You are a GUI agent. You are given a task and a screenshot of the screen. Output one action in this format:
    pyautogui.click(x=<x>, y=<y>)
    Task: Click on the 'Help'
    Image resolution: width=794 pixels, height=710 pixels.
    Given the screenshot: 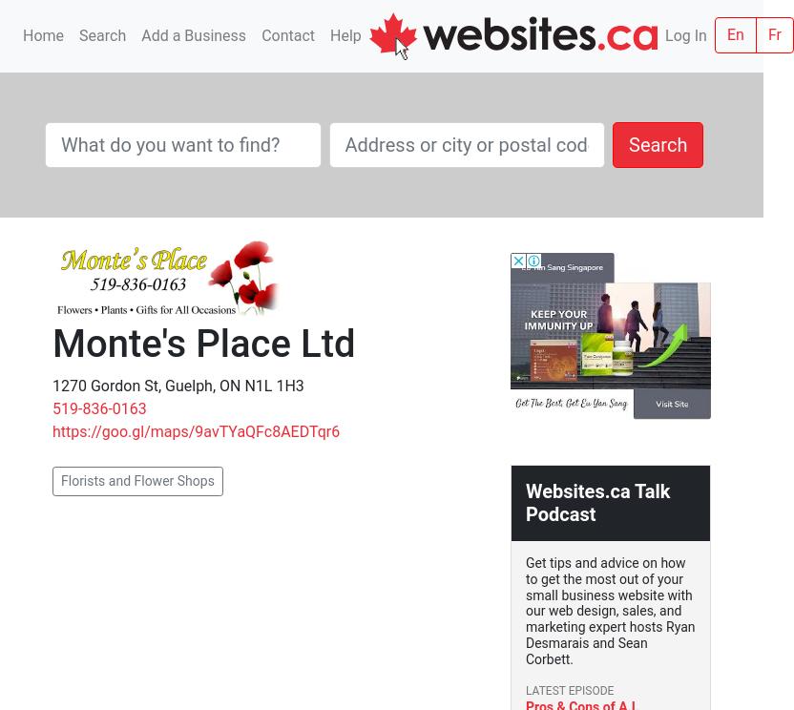 What is the action you would take?
    pyautogui.click(x=330, y=34)
    